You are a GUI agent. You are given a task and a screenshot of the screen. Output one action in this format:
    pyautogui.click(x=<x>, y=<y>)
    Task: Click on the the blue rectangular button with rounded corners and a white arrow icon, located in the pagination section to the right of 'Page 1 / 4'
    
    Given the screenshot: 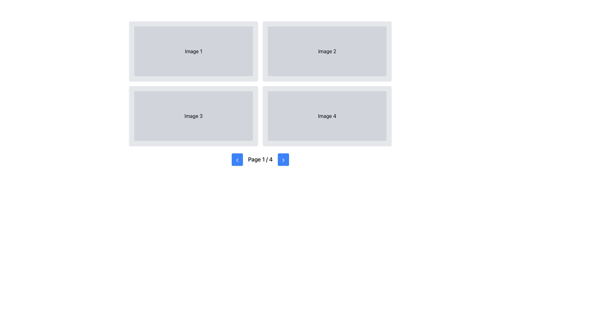 What is the action you would take?
    pyautogui.click(x=283, y=159)
    